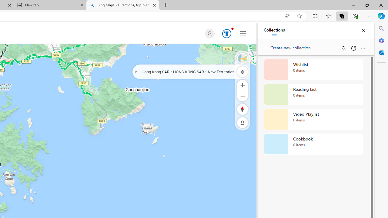  Describe the element at coordinates (313, 144) in the screenshot. I see `'Cookbook collection, 0 items'` at that location.